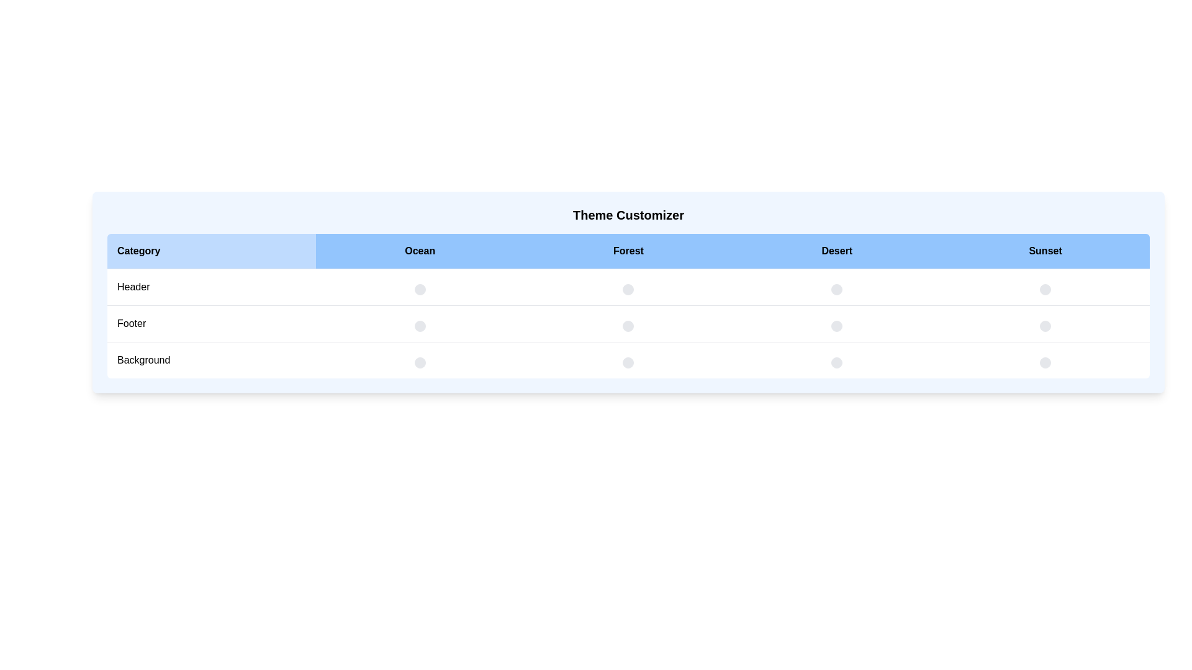  Describe the element at coordinates (837, 325) in the screenshot. I see `the Toggle Button located` at that location.